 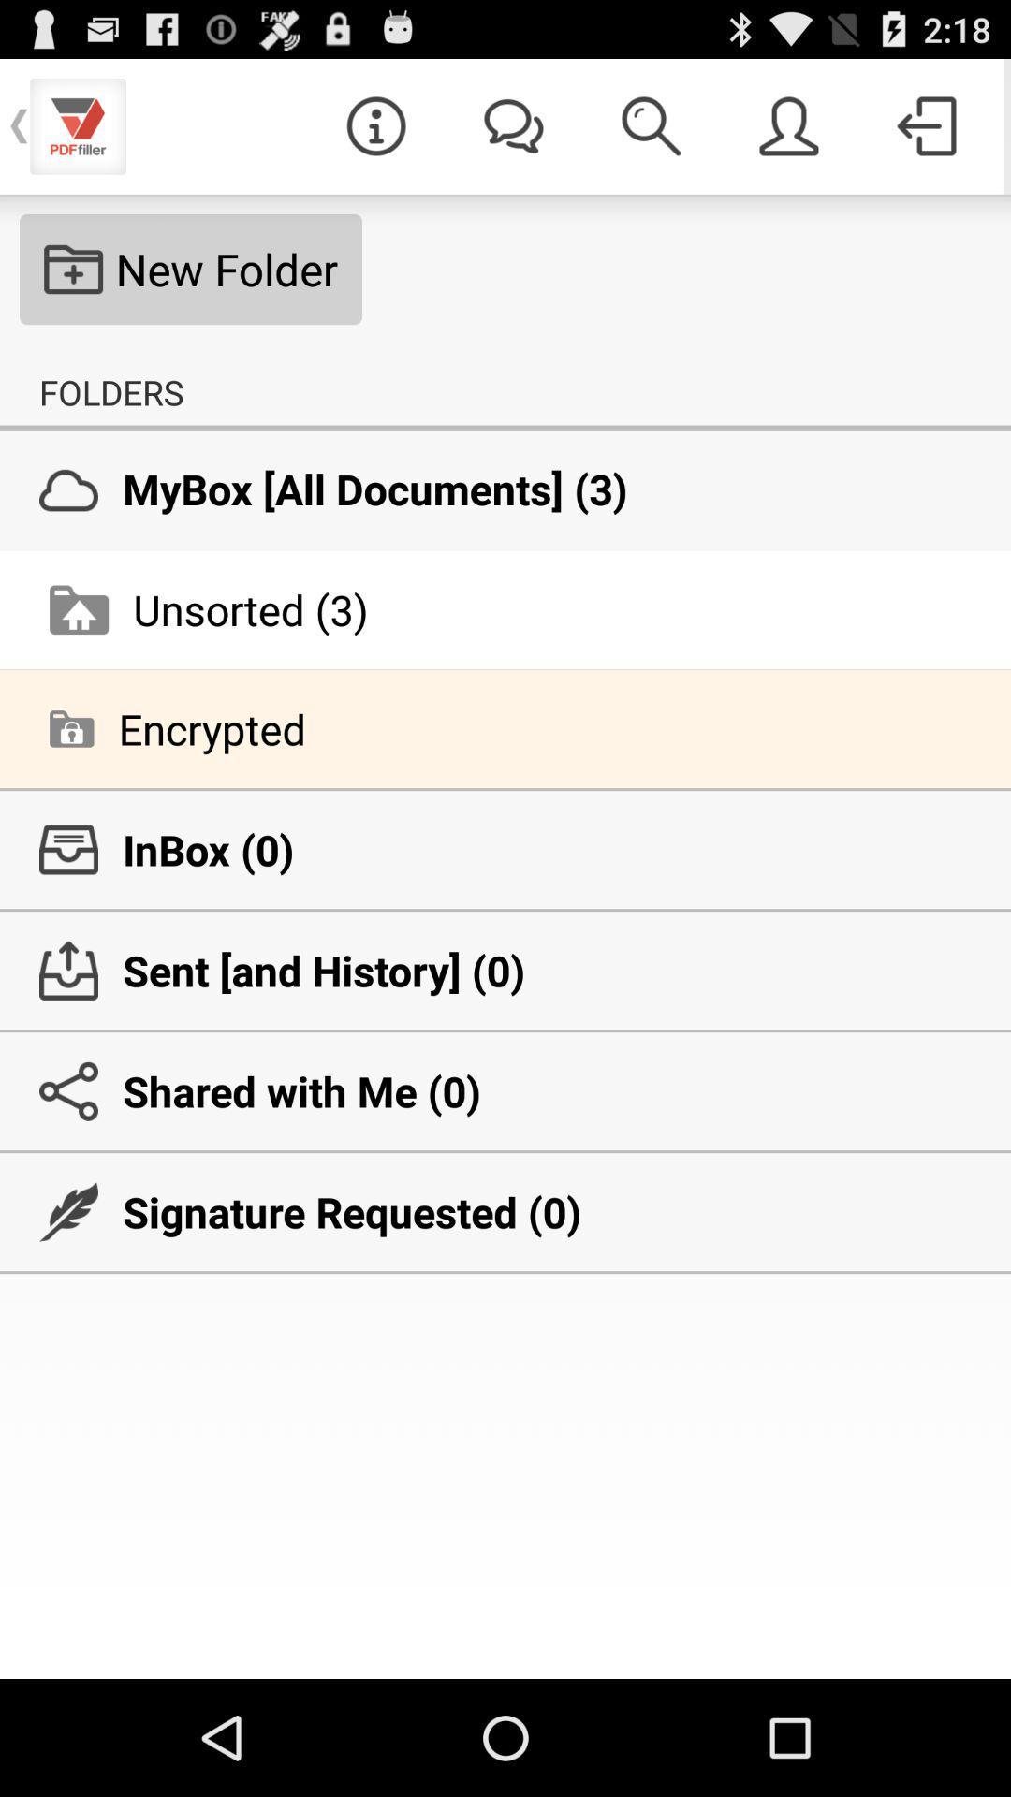 What do you see at coordinates (375, 124) in the screenshot?
I see `the button above the new folder icon` at bounding box center [375, 124].